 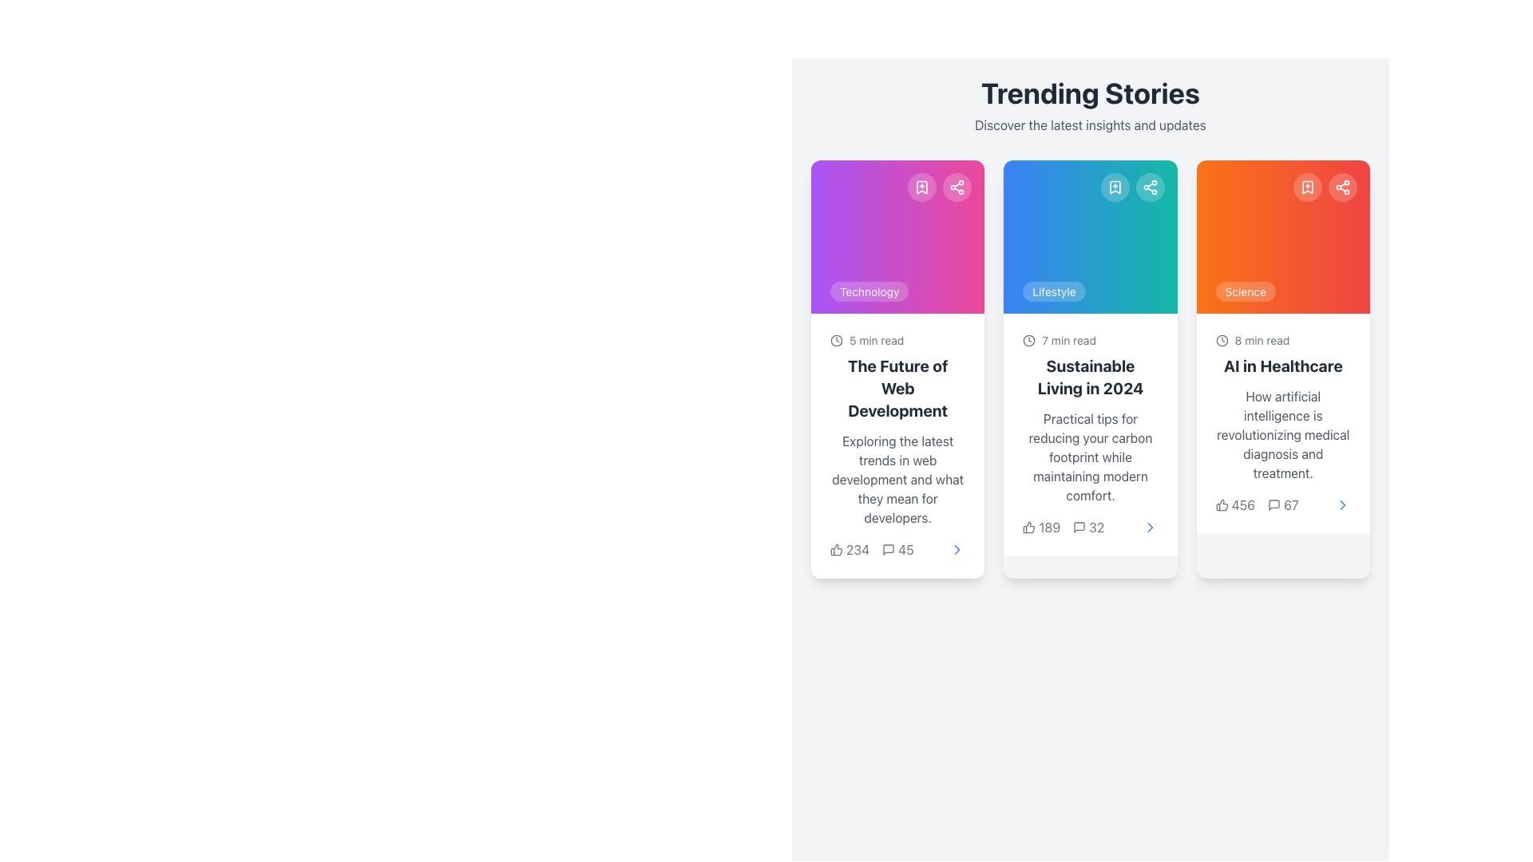 I want to click on the Text Badge located in the header section of the first card, positioned near the bottom-left corner of the card's colored header area, so click(x=869, y=291).